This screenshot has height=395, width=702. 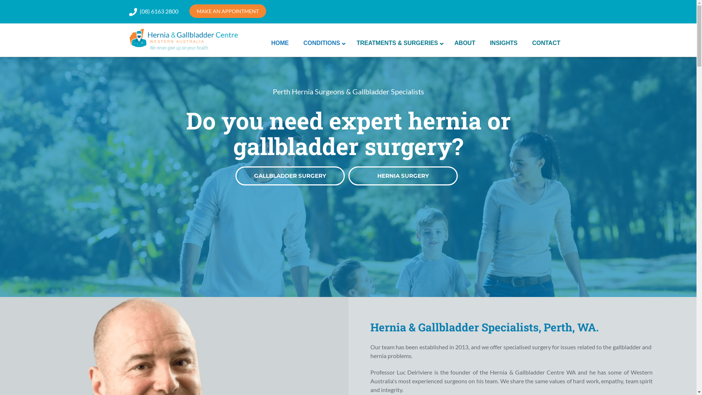 I want to click on 'HOME', so click(x=263, y=43).